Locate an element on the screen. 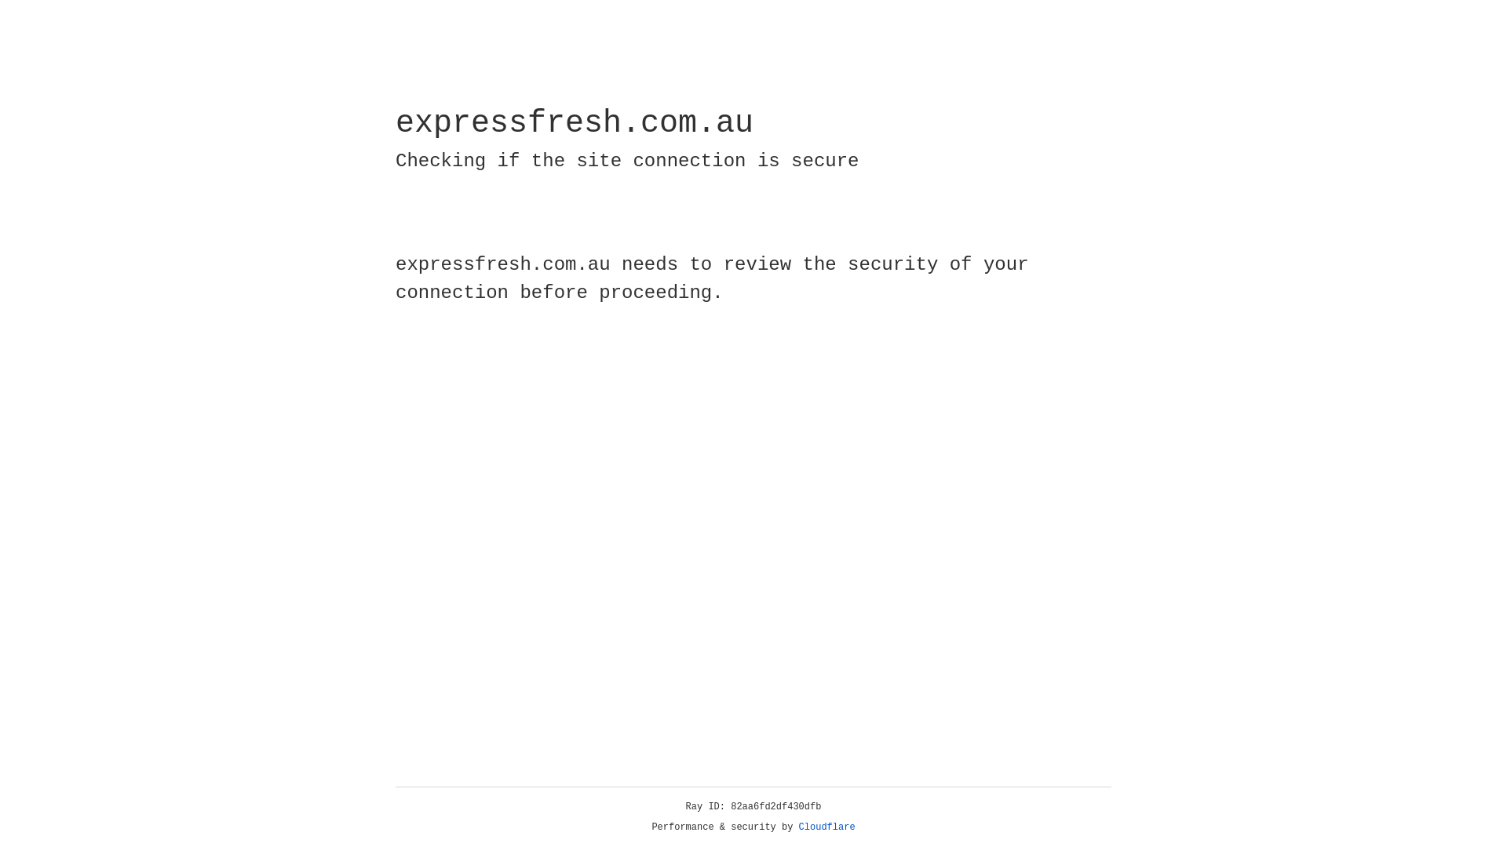  'Cloudflare' is located at coordinates (826, 827).